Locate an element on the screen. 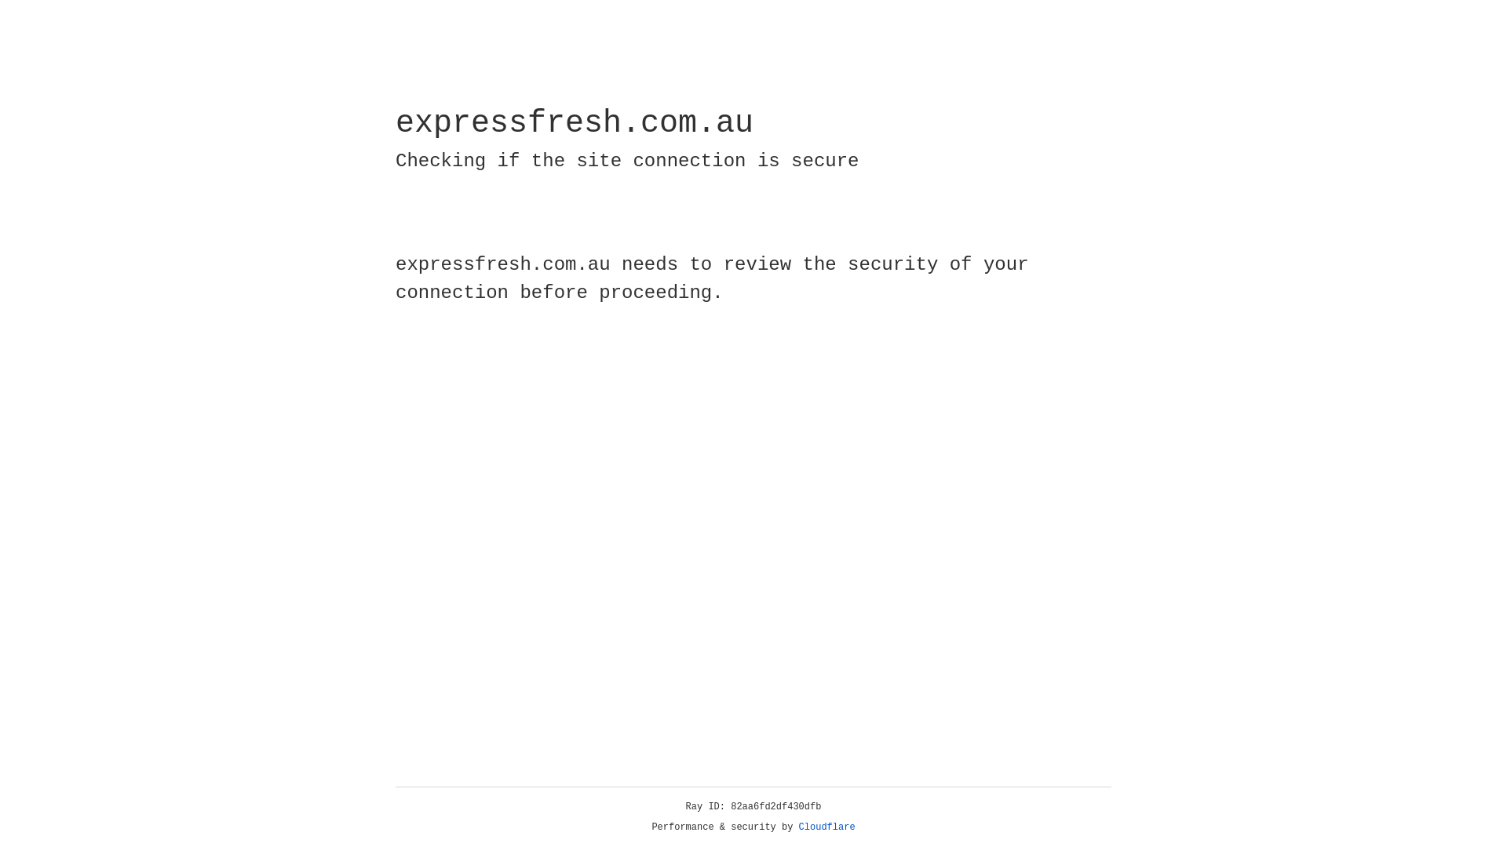  'Cloudflare' is located at coordinates (826, 827).